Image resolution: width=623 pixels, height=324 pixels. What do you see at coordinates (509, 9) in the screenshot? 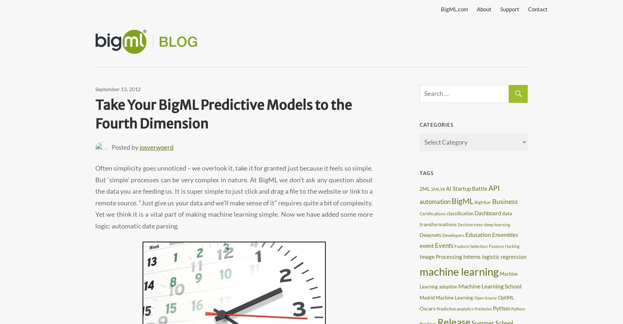
I see `'Support'` at bounding box center [509, 9].